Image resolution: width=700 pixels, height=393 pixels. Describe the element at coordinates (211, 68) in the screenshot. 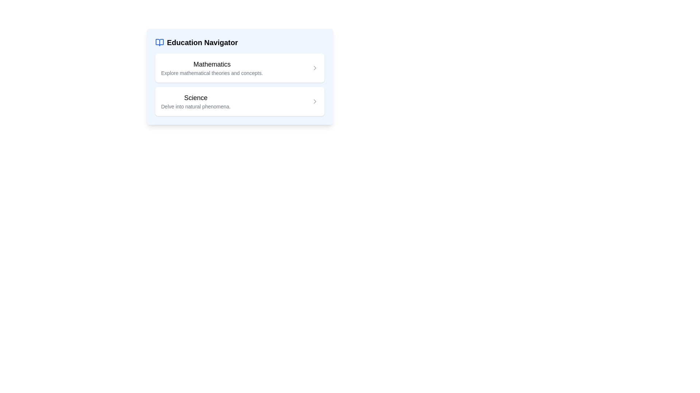

I see `the 'Mathematics' text block within the interactive card` at that location.